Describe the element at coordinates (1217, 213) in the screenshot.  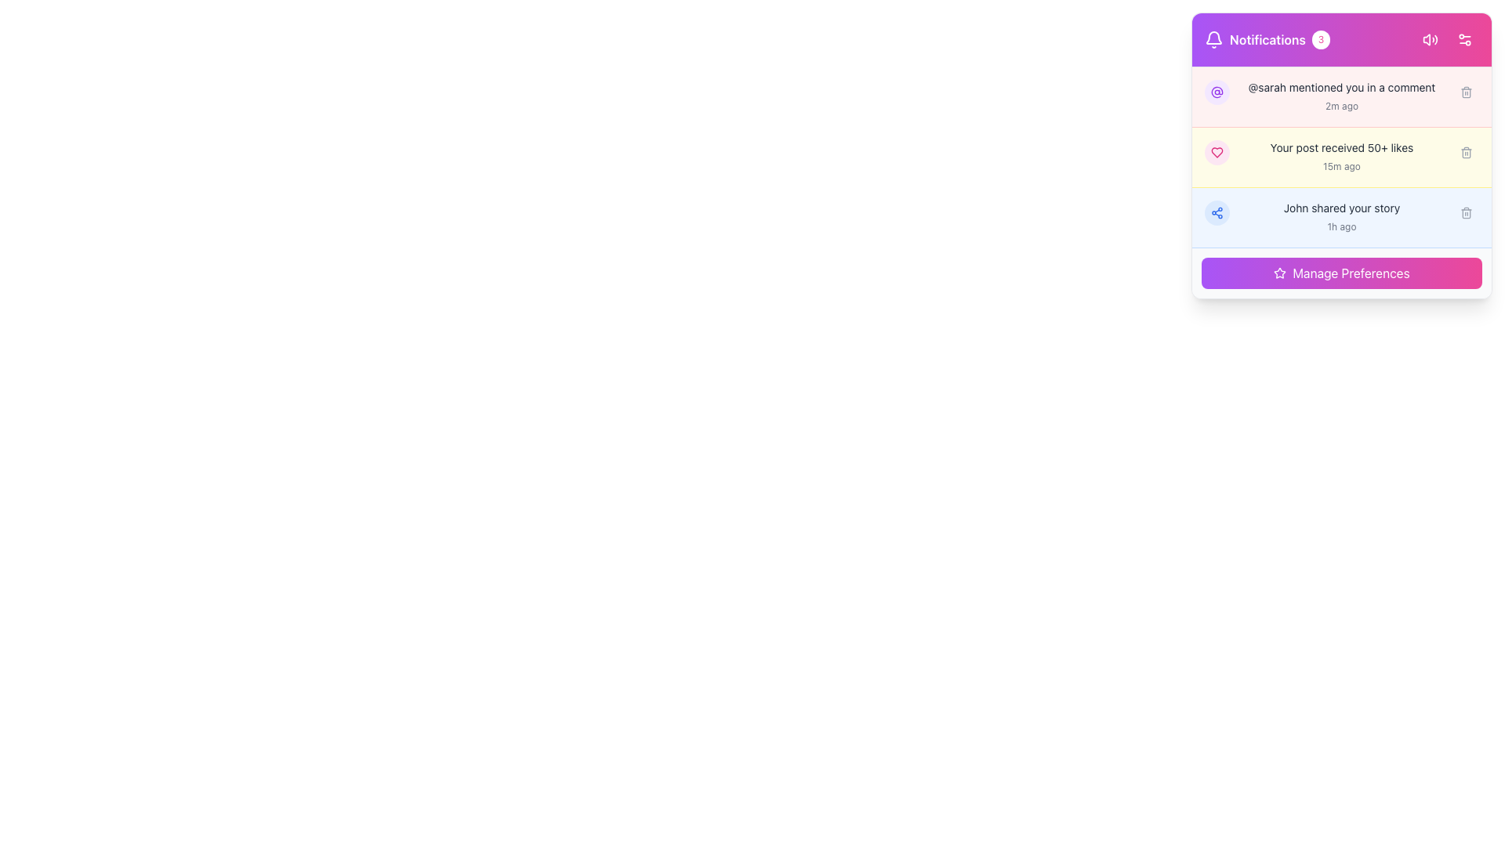
I see `the circular light blue button with a share icon located to the left of the notification labeled 'John shared your story 1h ago'` at that location.